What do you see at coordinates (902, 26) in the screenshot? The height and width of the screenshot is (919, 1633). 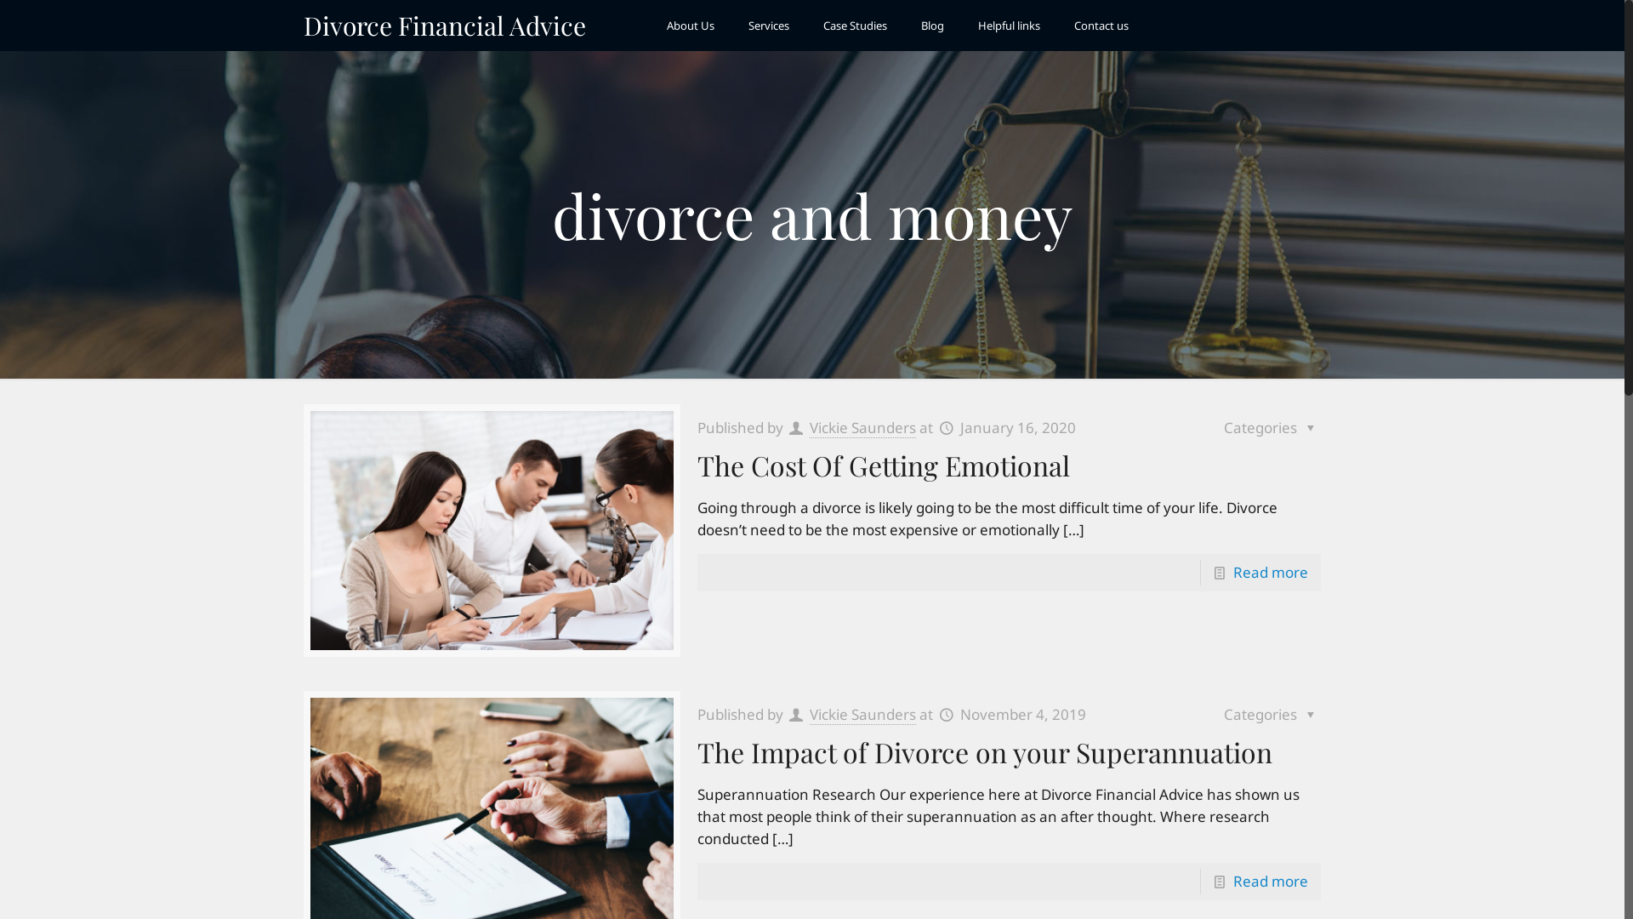 I see `'Blog'` at bounding box center [902, 26].